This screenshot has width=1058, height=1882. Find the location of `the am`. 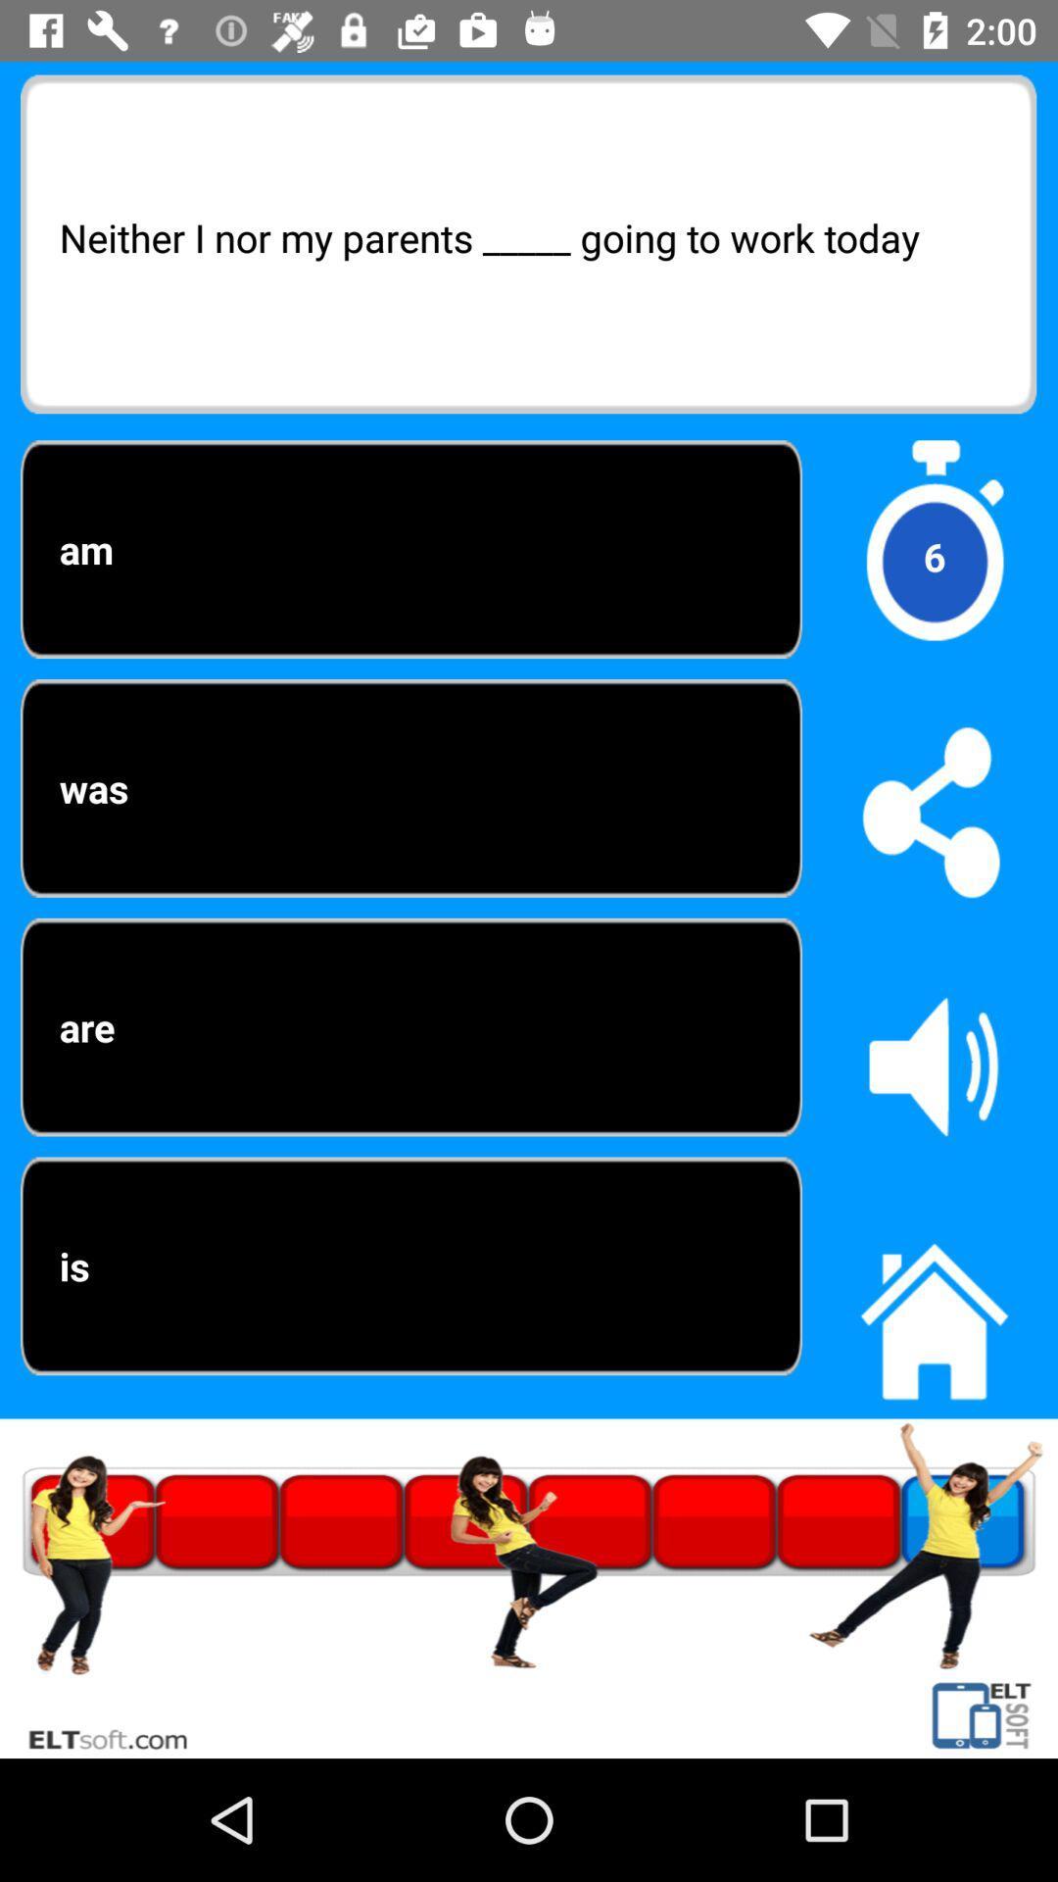

the am is located at coordinates (410, 549).